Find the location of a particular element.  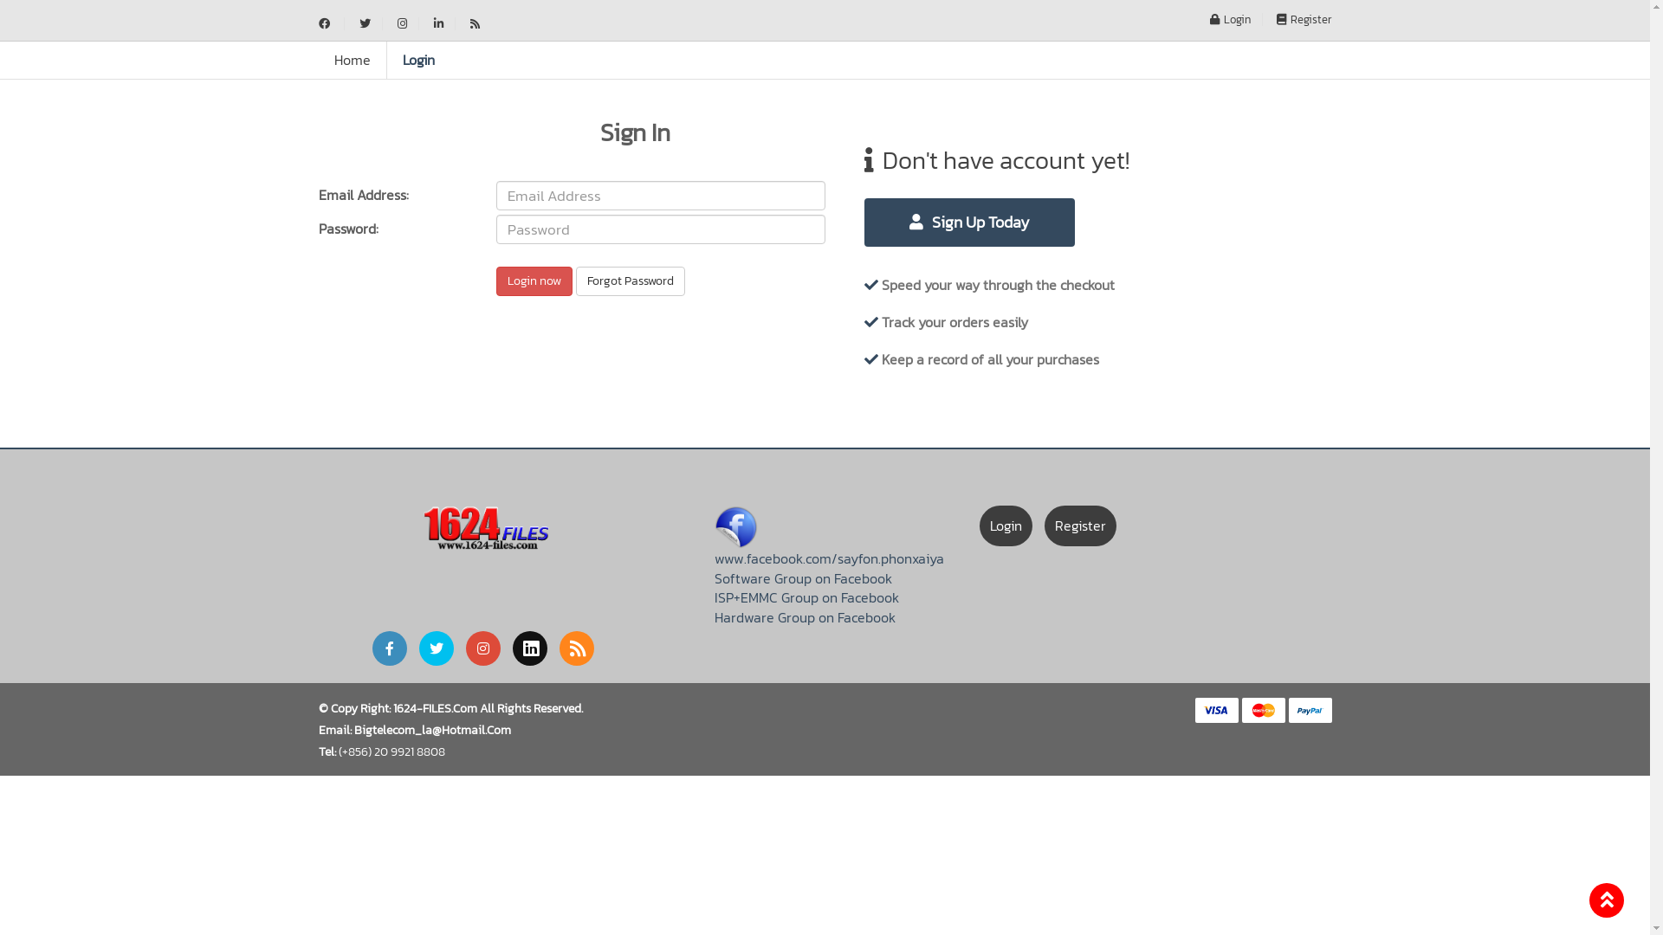

'Hardware Group on Facebook' is located at coordinates (804, 616).